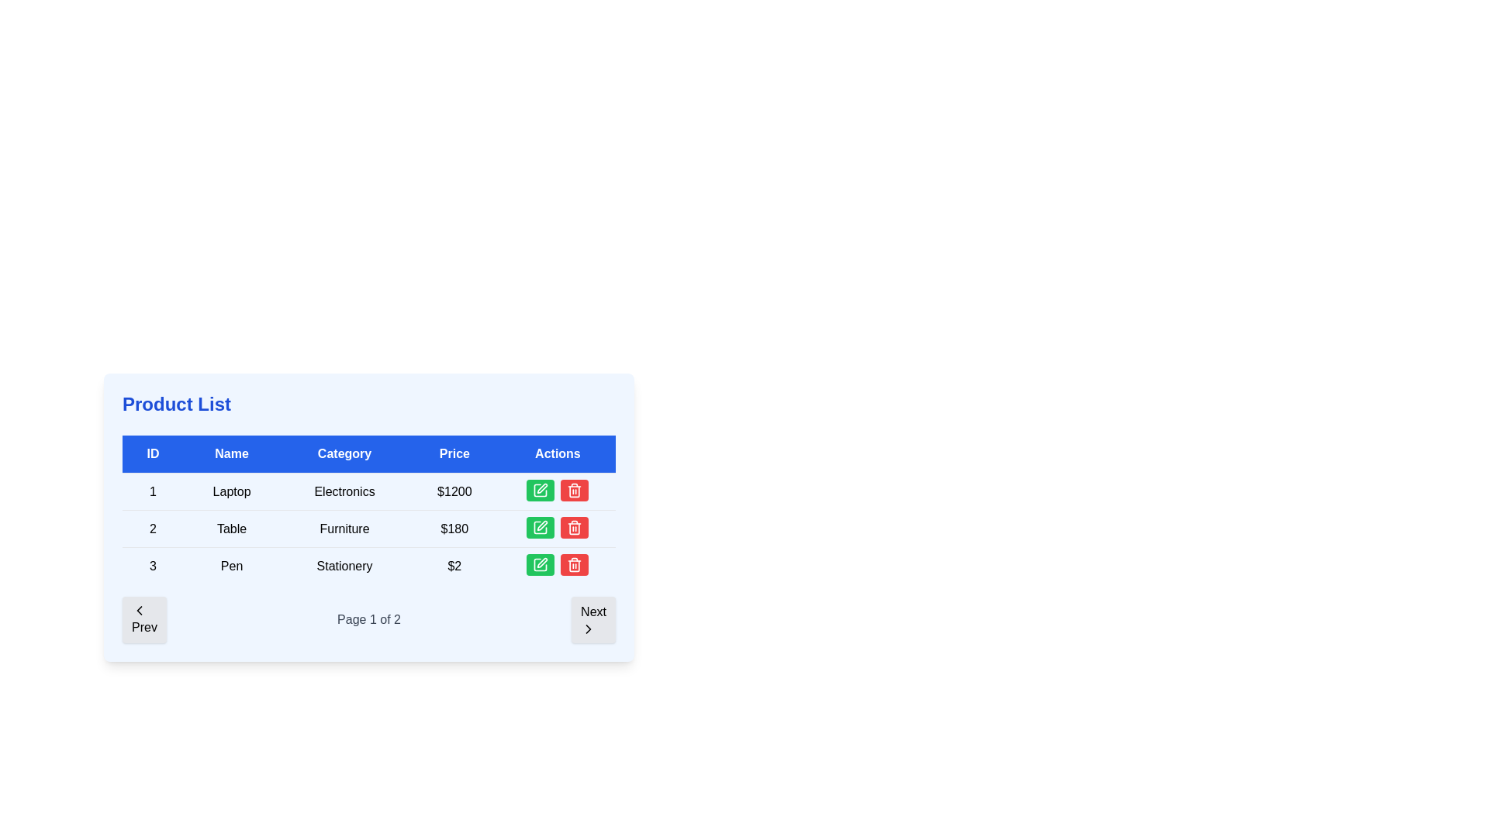 The image size is (1489, 837). Describe the element at coordinates (574, 527) in the screenshot. I see `the red trash bin icon button in the Actions column of the third row` at that location.